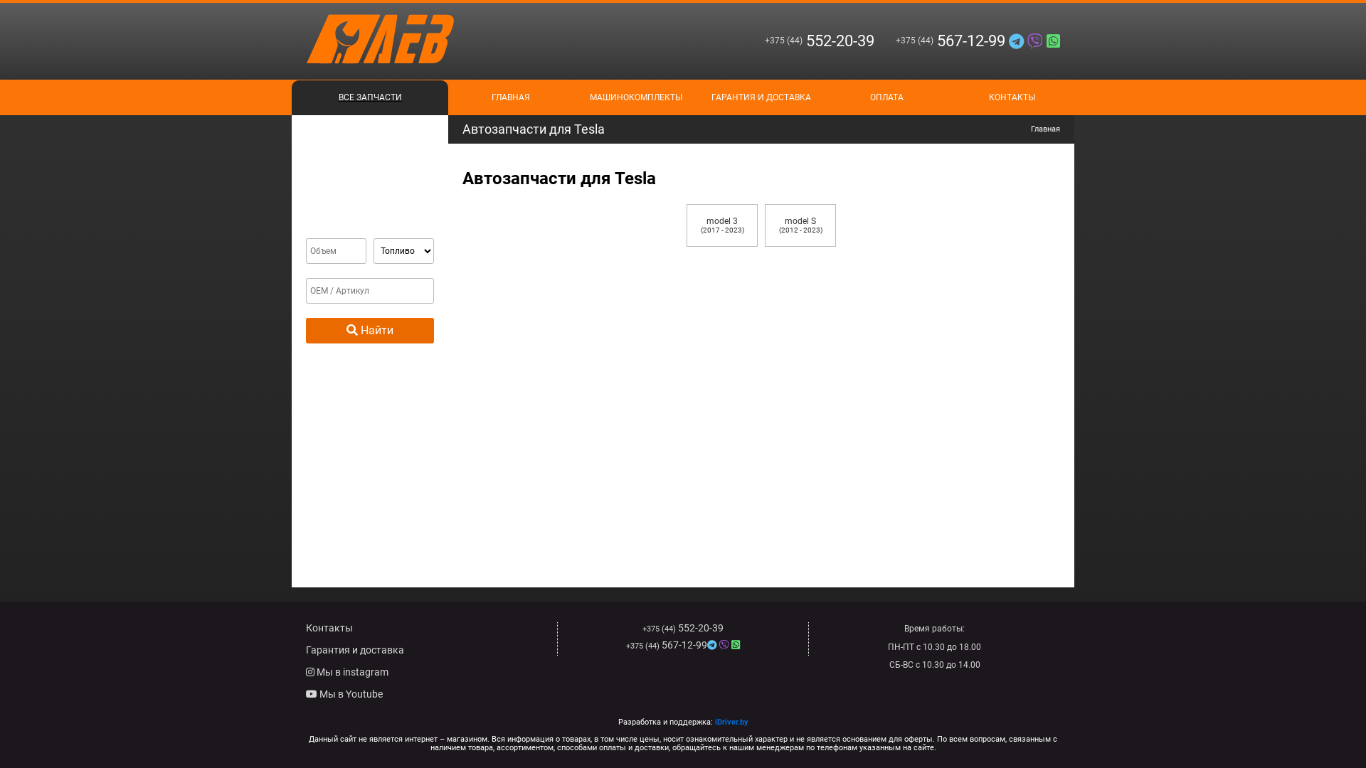  What do you see at coordinates (800, 224) in the screenshot?
I see `'model S` at bounding box center [800, 224].